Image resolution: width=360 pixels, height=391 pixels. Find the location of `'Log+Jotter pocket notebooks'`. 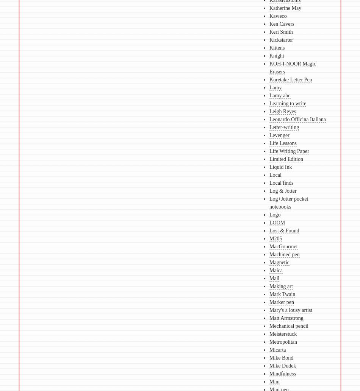

'Log+Jotter pocket notebooks' is located at coordinates (288, 203).